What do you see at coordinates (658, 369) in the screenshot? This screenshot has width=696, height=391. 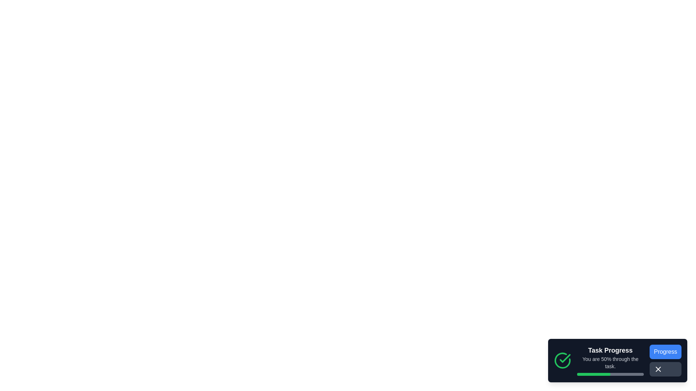 I see `the 'Close' button to dismiss the snackbar` at bounding box center [658, 369].